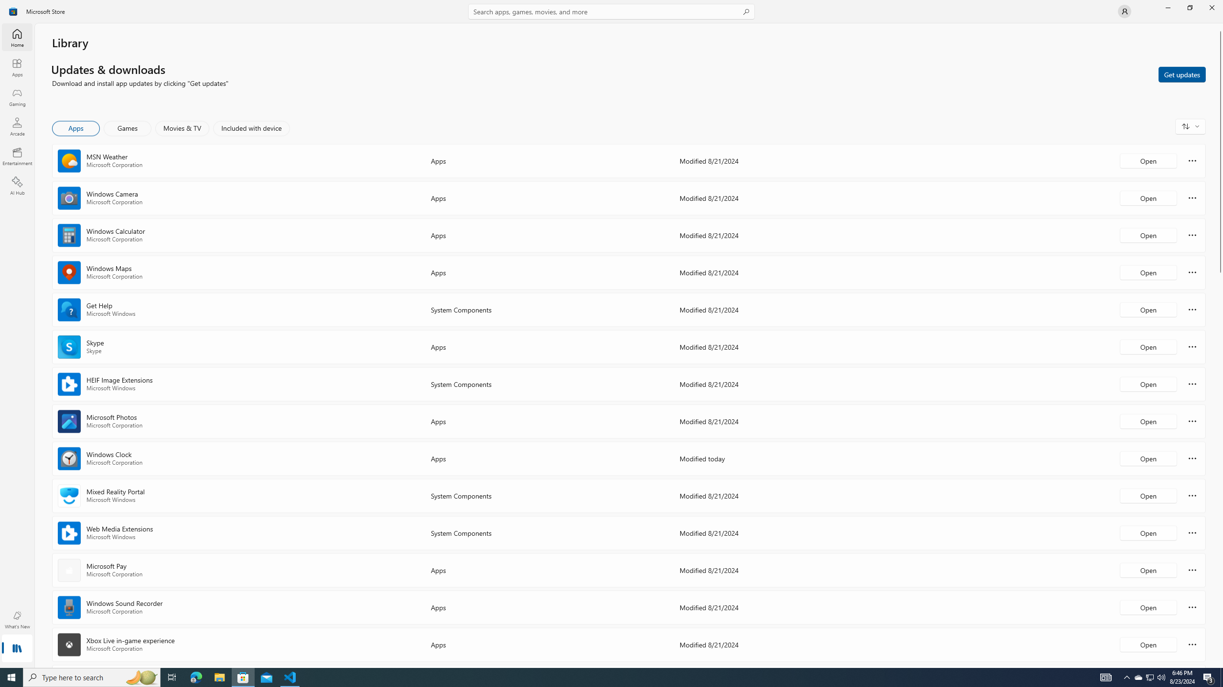 This screenshot has width=1223, height=687. Describe the element at coordinates (1219, 345) in the screenshot. I see `'Vertical'` at that location.